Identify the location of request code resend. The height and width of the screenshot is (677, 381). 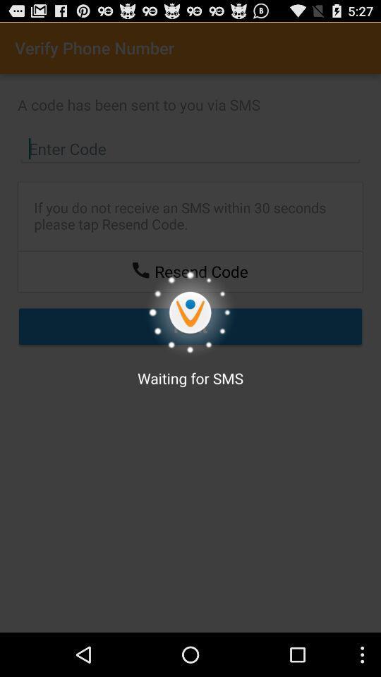
(140, 269).